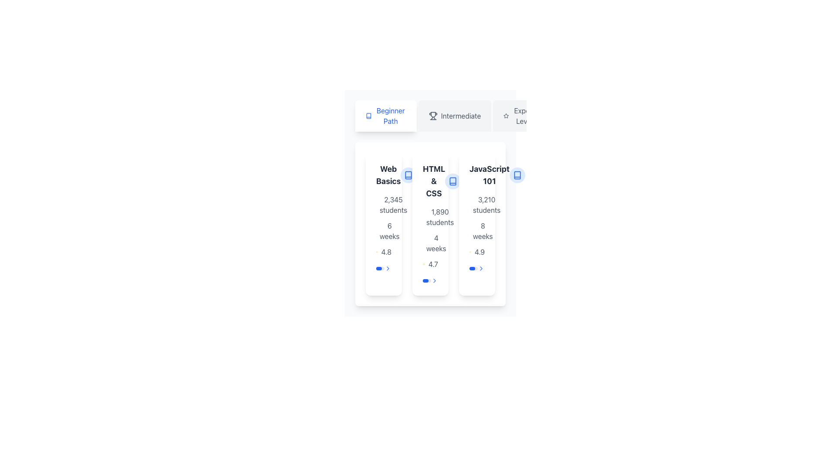  I want to click on the clickable icon located at the top-right corner of the 'JavaScript 101' course card, so click(517, 175).